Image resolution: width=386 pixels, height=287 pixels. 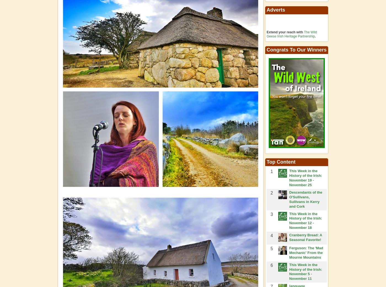 I want to click on '4', so click(x=272, y=235).